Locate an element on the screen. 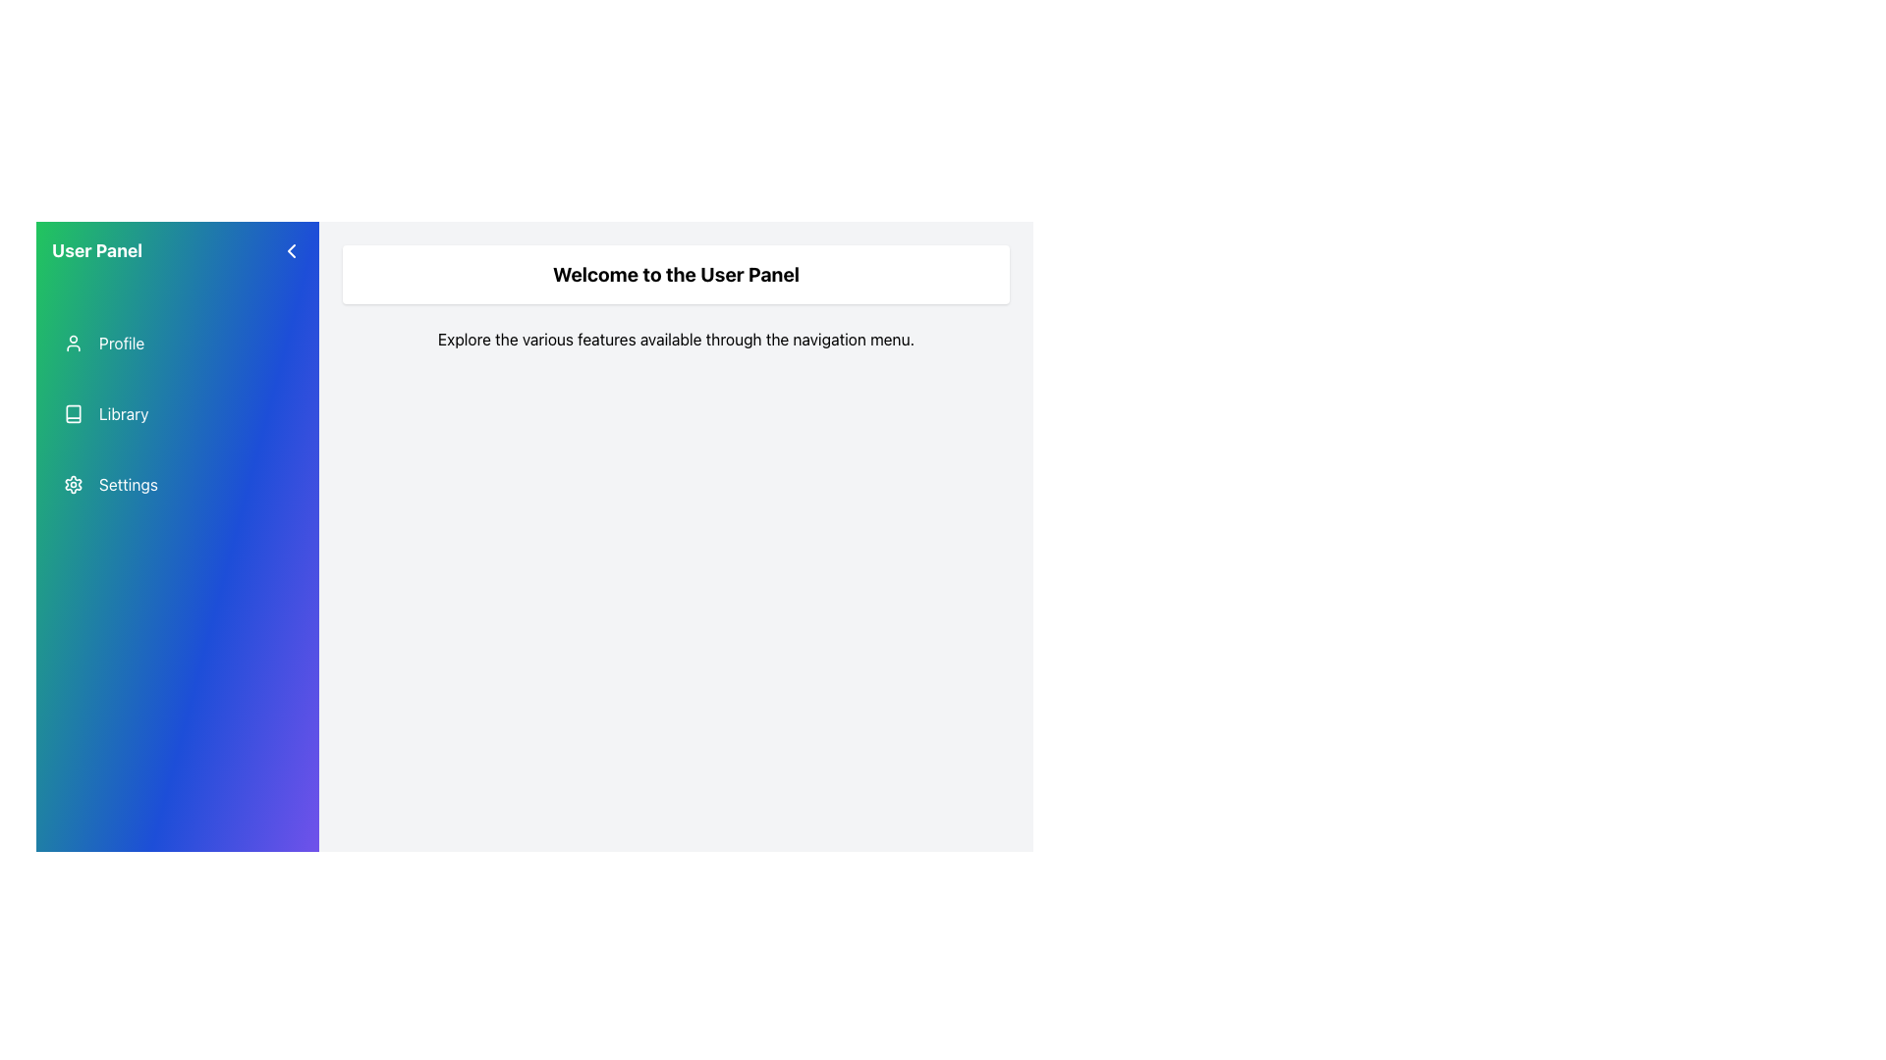 Image resolution: width=1886 pixels, height=1060 pixels. the 'Profile' icon located in the navigation panel to potentially see a tooltip or highlight effect is located at coordinates (74, 343).